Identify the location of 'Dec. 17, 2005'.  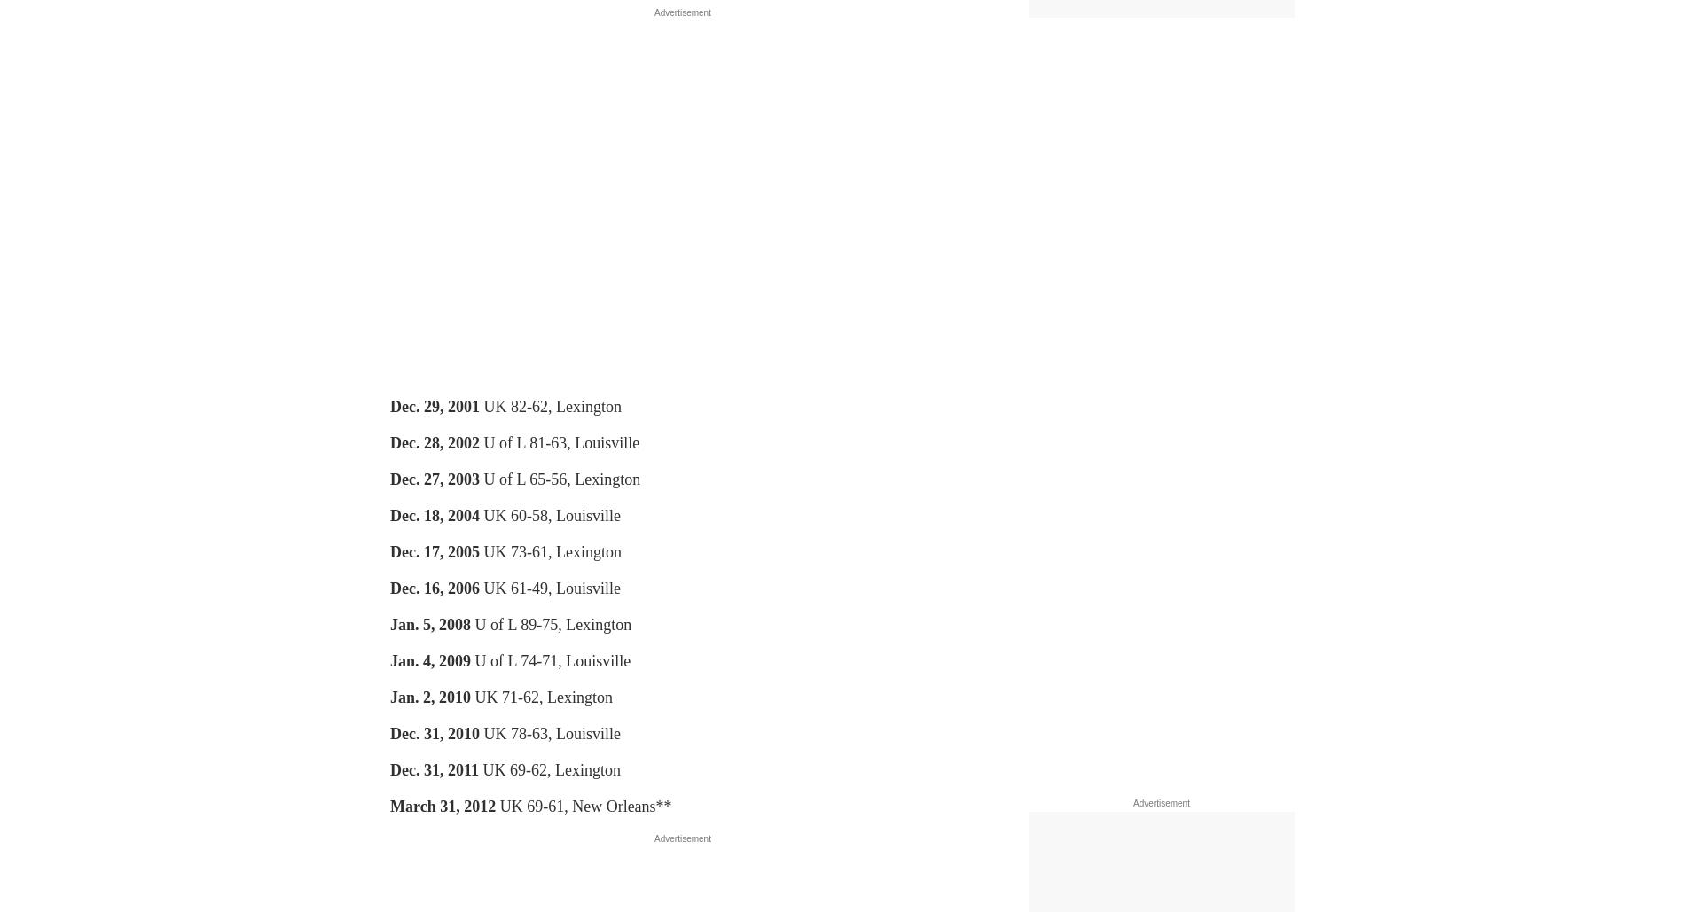
(435, 551).